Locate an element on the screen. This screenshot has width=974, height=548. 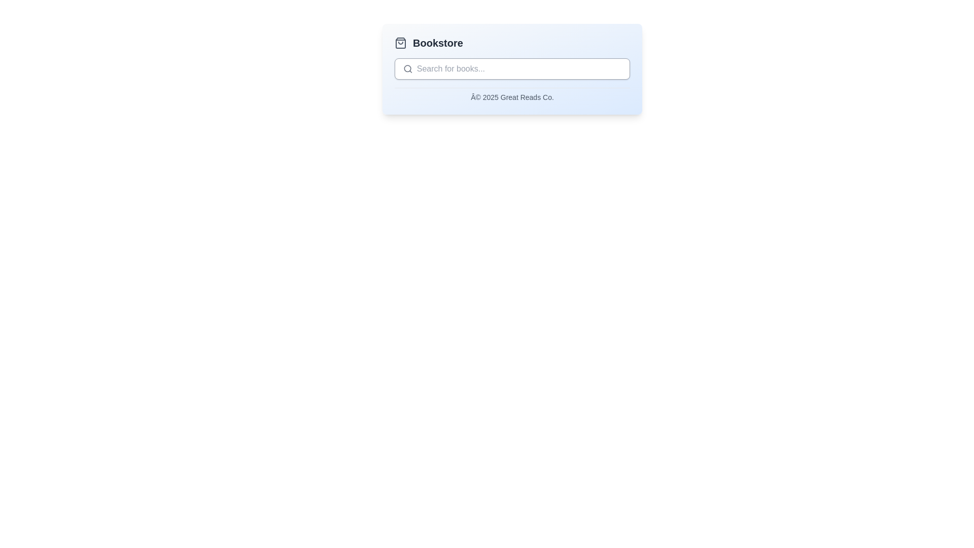
the shopping bag icon located in the upper left portion of the interface, just to the left of the text 'Bookstore' is located at coordinates (400, 42).